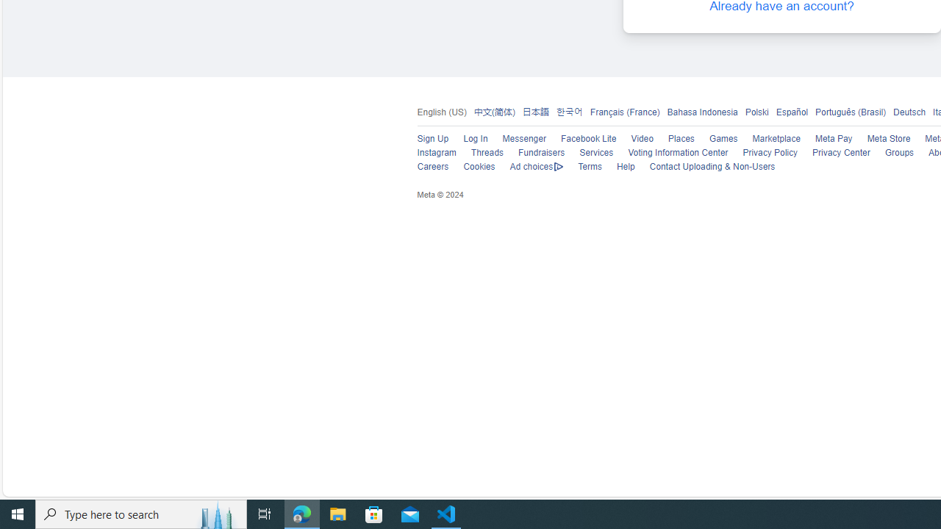 This screenshot has width=941, height=529. Describe the element at coordinates (776, 139) in the screenshot. I see `'Marketplace'` at that location.